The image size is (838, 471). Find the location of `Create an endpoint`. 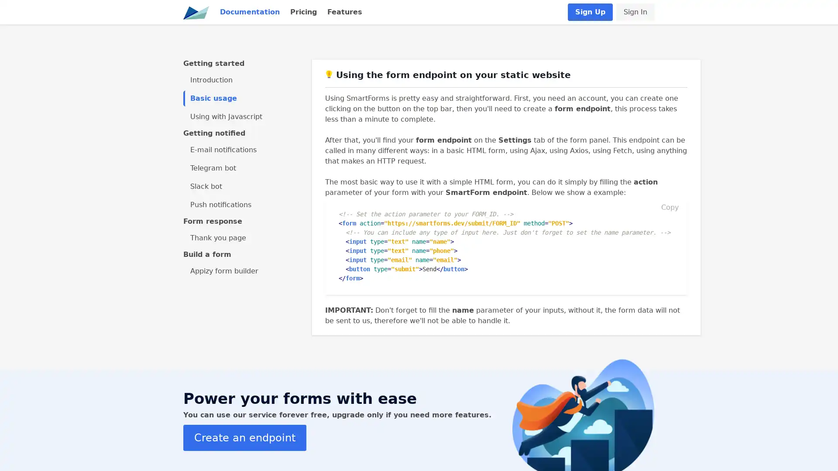

Create an endpoint is located at coordinates (244, 437).